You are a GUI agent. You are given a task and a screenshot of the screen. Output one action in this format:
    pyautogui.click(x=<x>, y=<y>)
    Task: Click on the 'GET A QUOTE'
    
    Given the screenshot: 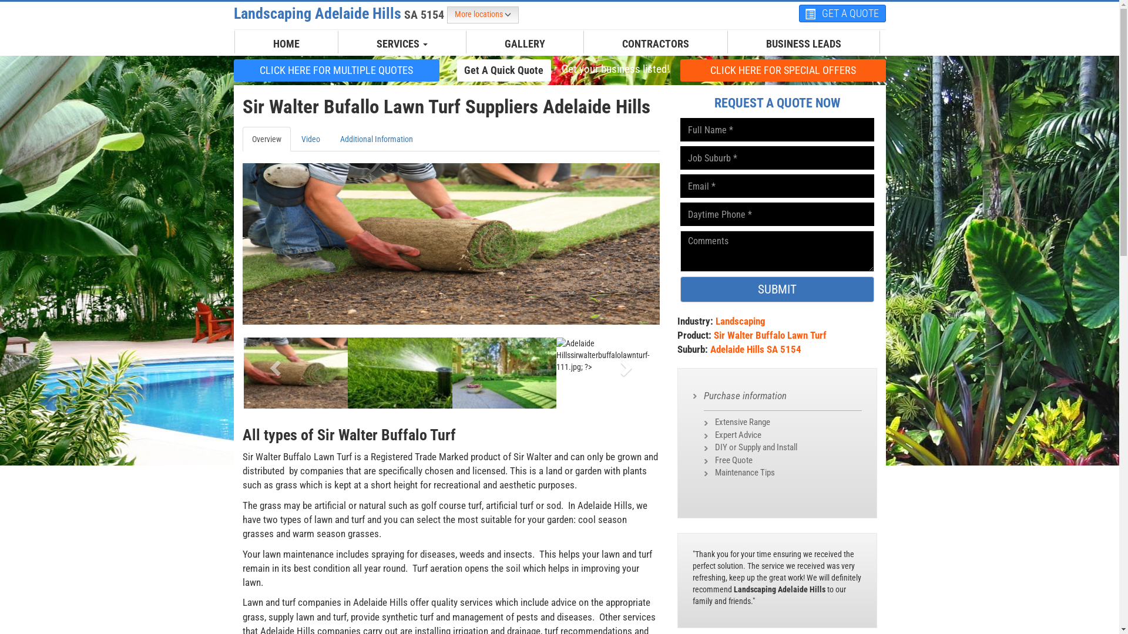 What is the action you would take?
    pyautogui.click(x=842, y=14)
    